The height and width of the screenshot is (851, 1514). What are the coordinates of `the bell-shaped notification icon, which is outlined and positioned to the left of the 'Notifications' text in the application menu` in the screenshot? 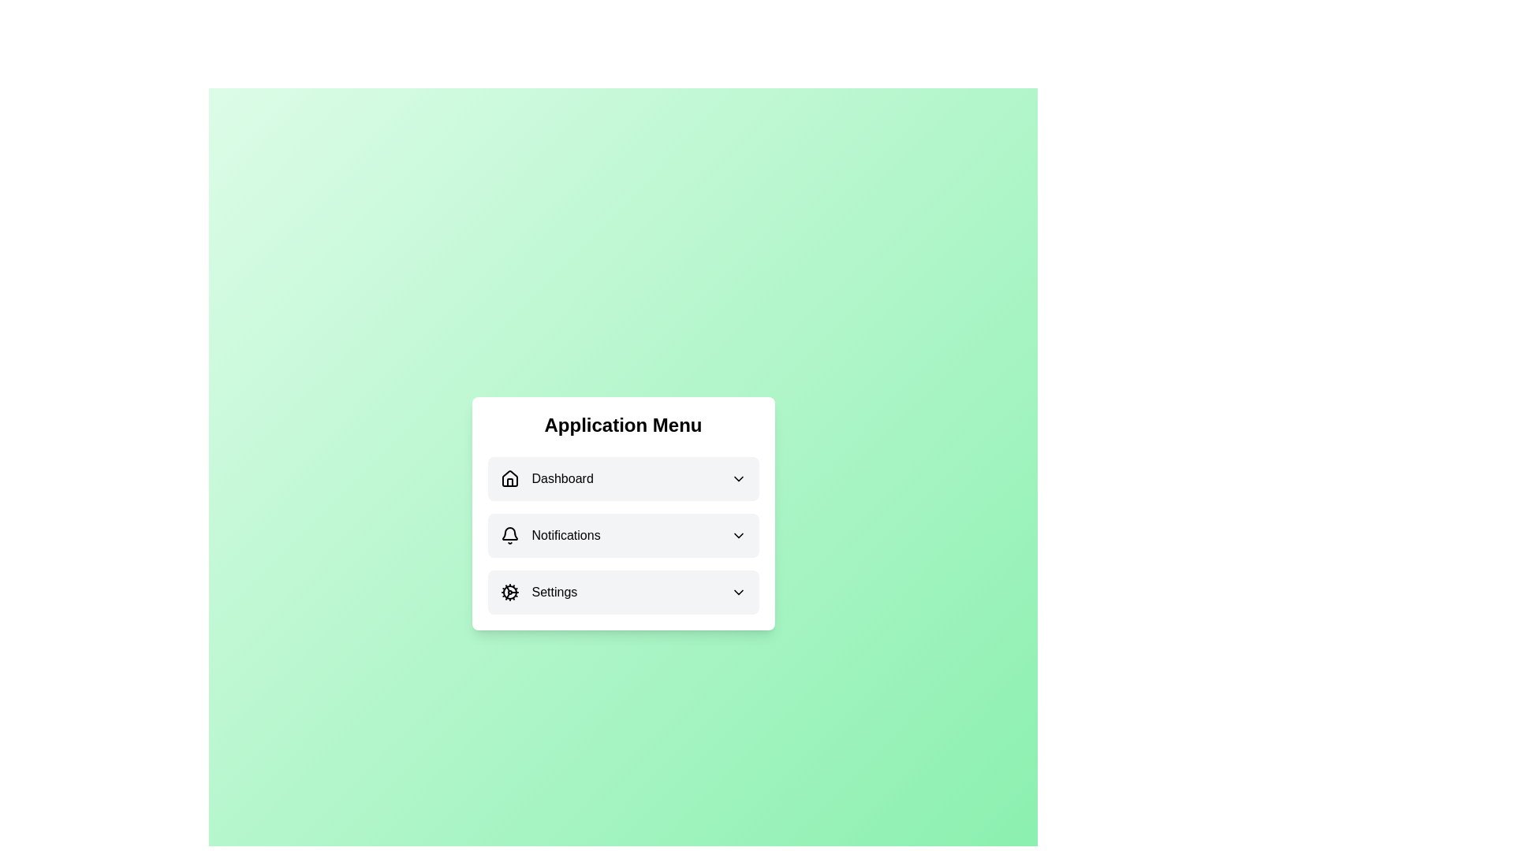 It's located at (509, 534).